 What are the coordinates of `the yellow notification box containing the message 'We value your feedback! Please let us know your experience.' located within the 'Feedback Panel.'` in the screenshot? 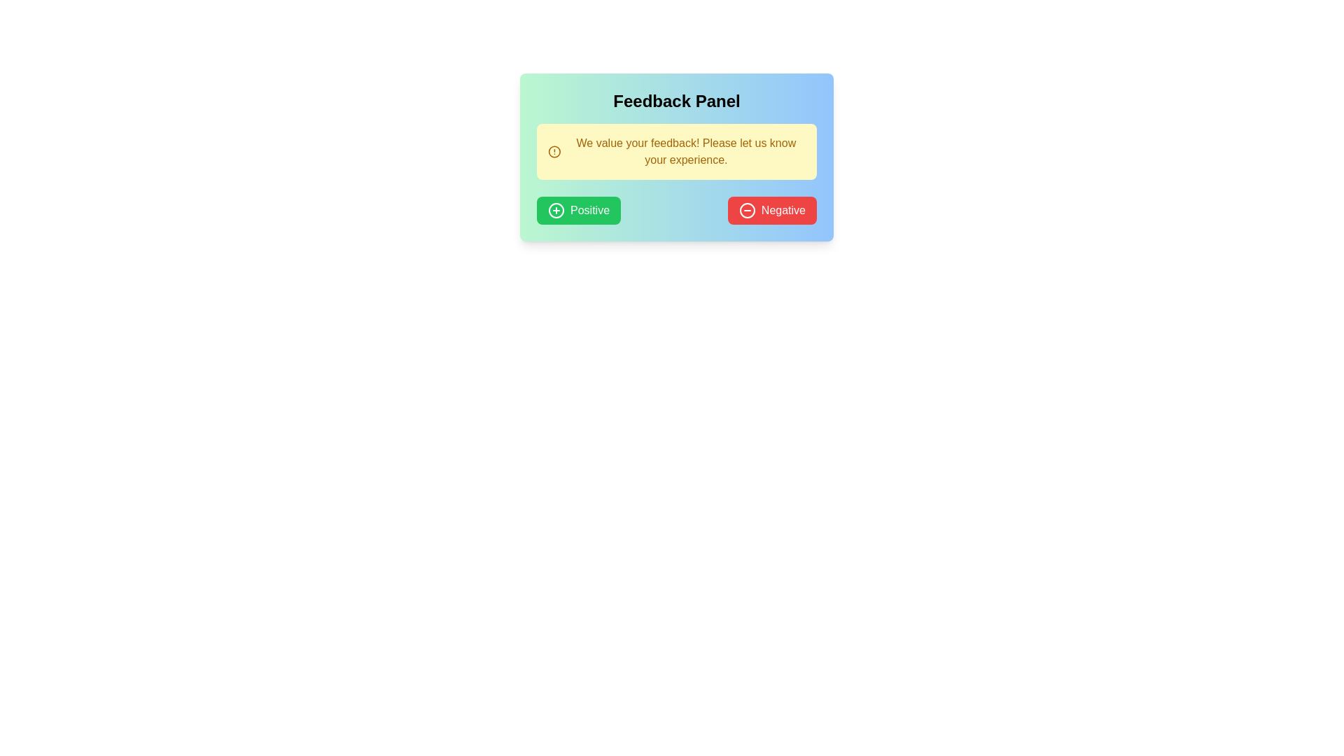 It's located at (676, 151).